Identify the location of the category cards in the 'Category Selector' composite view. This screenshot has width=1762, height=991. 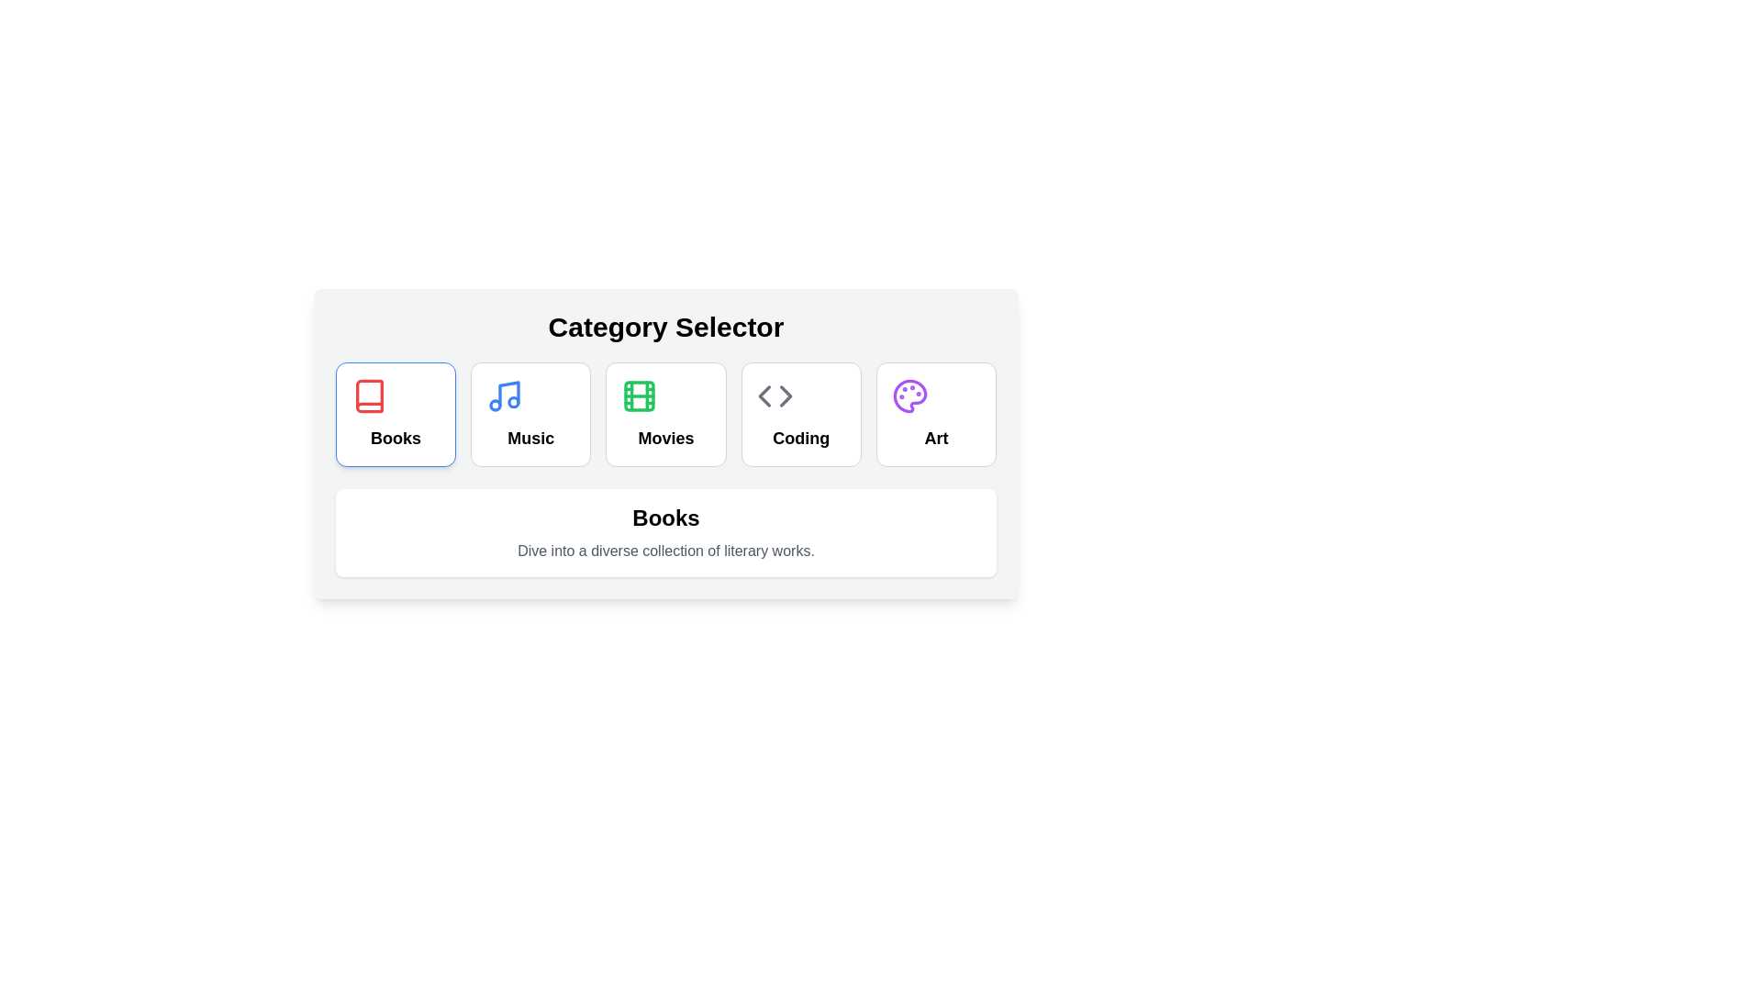
(664, 443).